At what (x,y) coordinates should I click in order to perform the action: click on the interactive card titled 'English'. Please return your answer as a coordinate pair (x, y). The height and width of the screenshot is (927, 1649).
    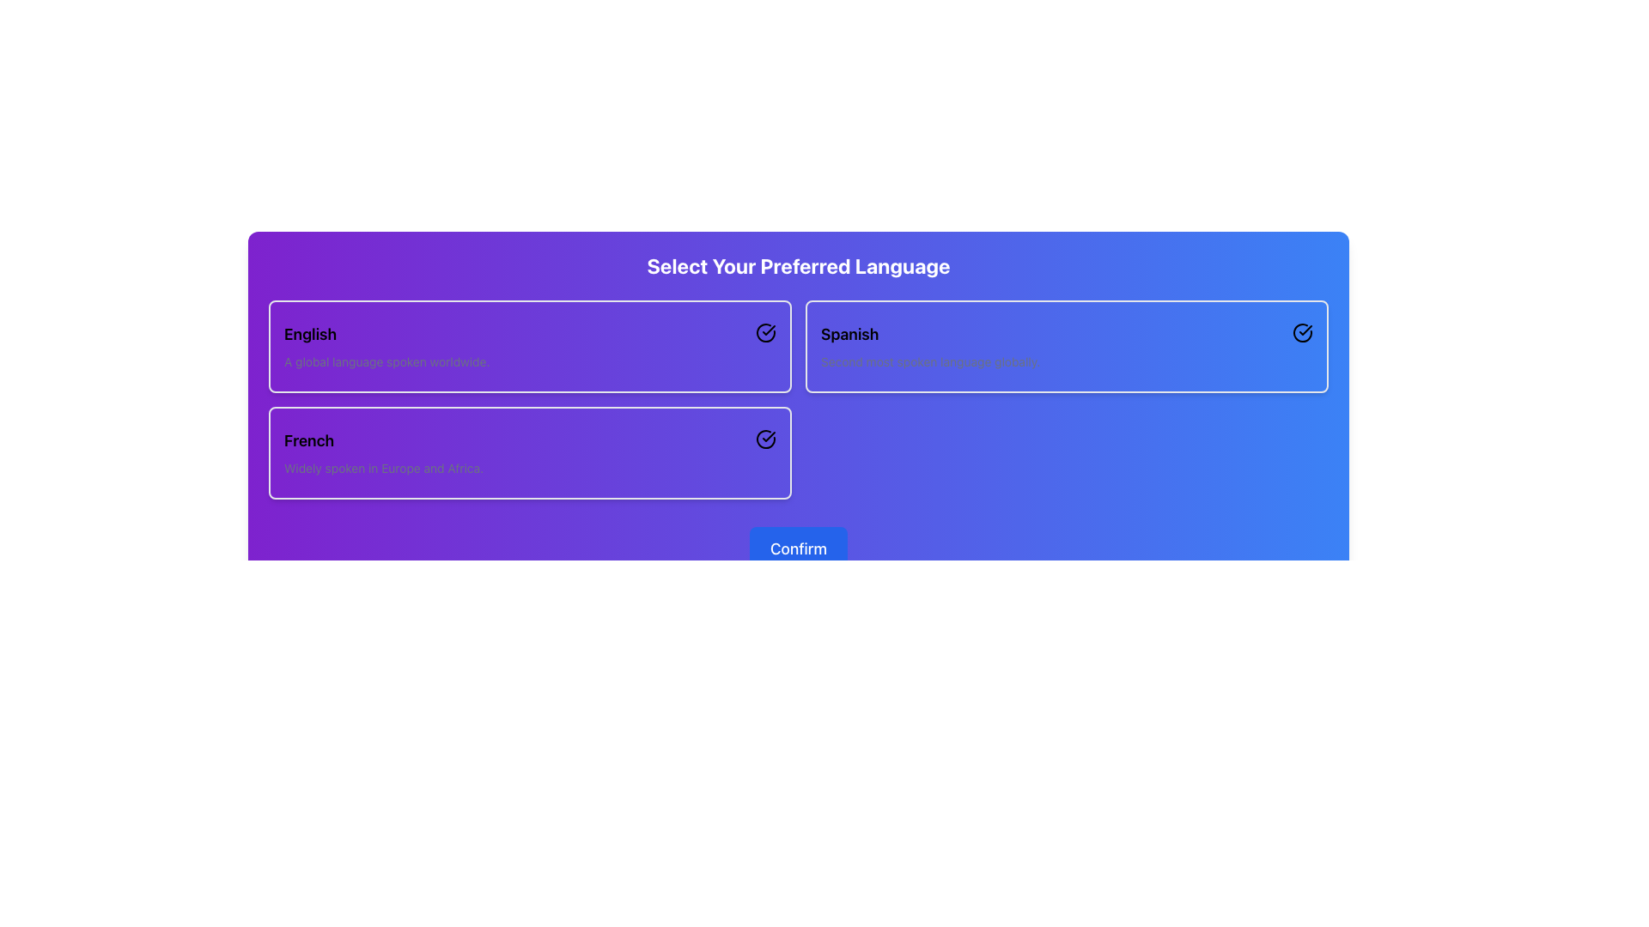
    Looking at the image, I should click on (529, 347).